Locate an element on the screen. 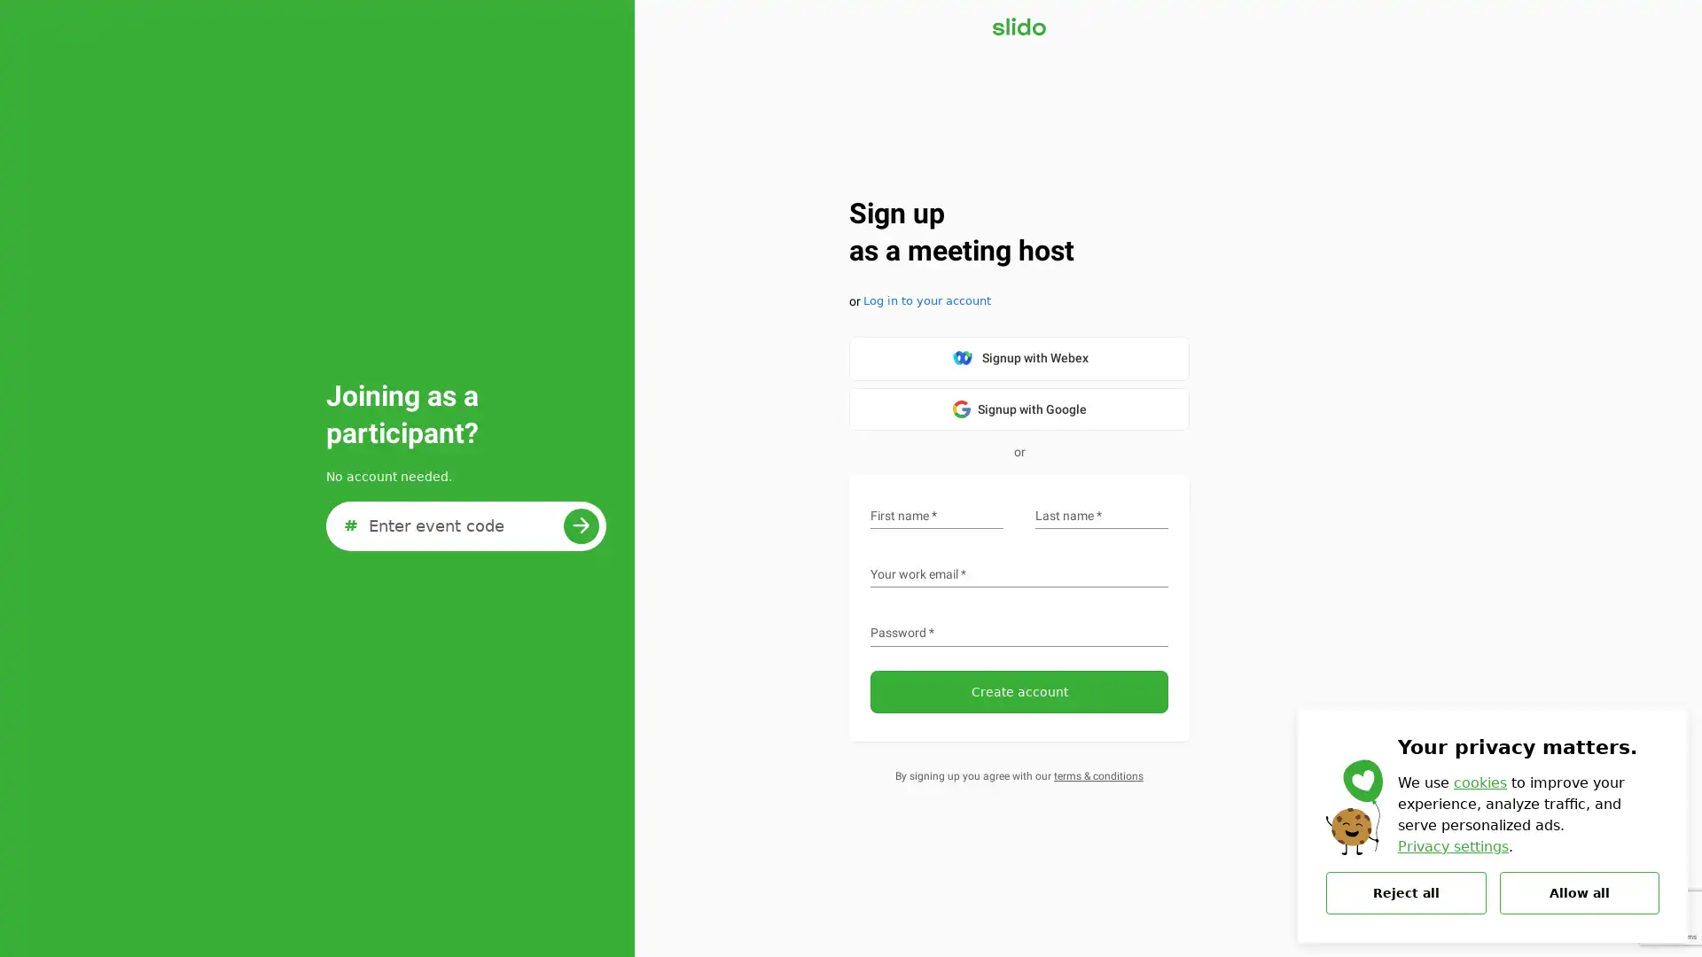 The width and height of the screenshot is (1702, 957). Allow all is located at coordinates (1579, 892).